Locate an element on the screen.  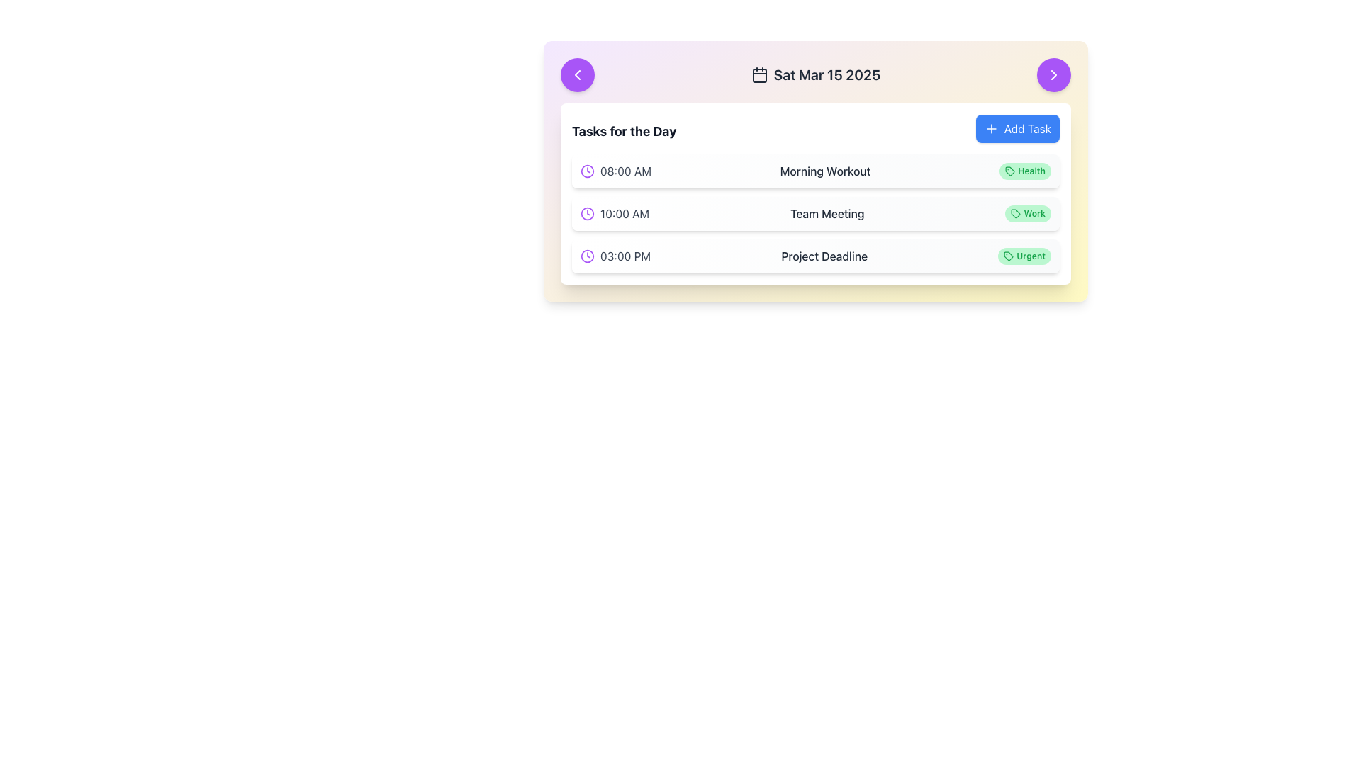
the timestamp '10:00 AM' with a clock icon that has a purple outline, located in the second row of the task list is located at coordinates (615, 213).